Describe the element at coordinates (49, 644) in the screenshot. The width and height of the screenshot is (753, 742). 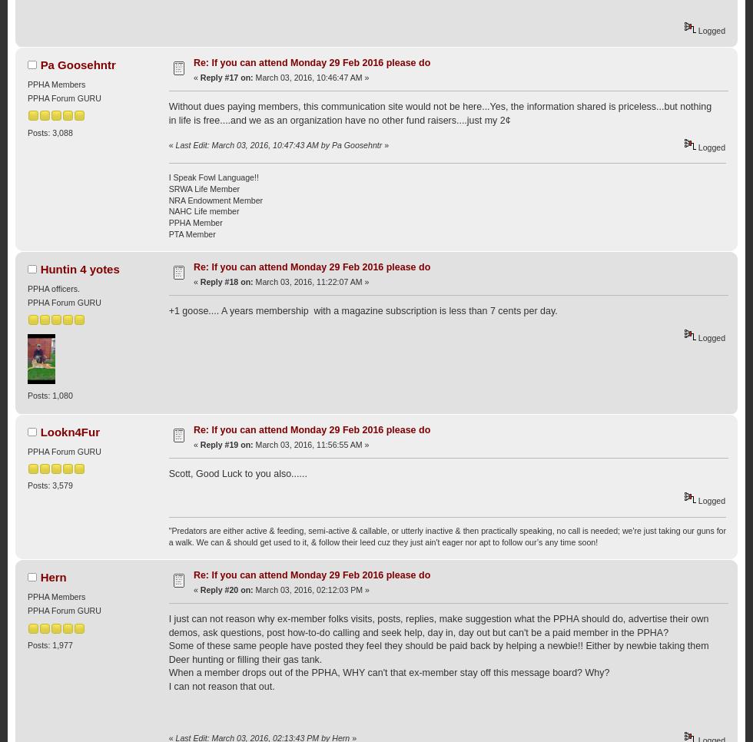
I see `'Posts: 1,977'` at that location.